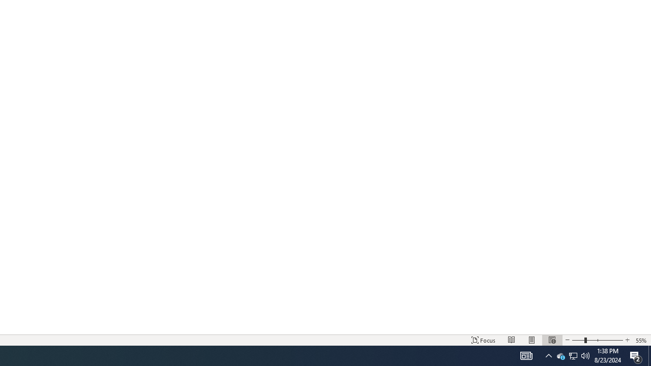  Describe the element at coordinates (641, 340) in the screenshot. I see `'Zoom 55%'` at that location.